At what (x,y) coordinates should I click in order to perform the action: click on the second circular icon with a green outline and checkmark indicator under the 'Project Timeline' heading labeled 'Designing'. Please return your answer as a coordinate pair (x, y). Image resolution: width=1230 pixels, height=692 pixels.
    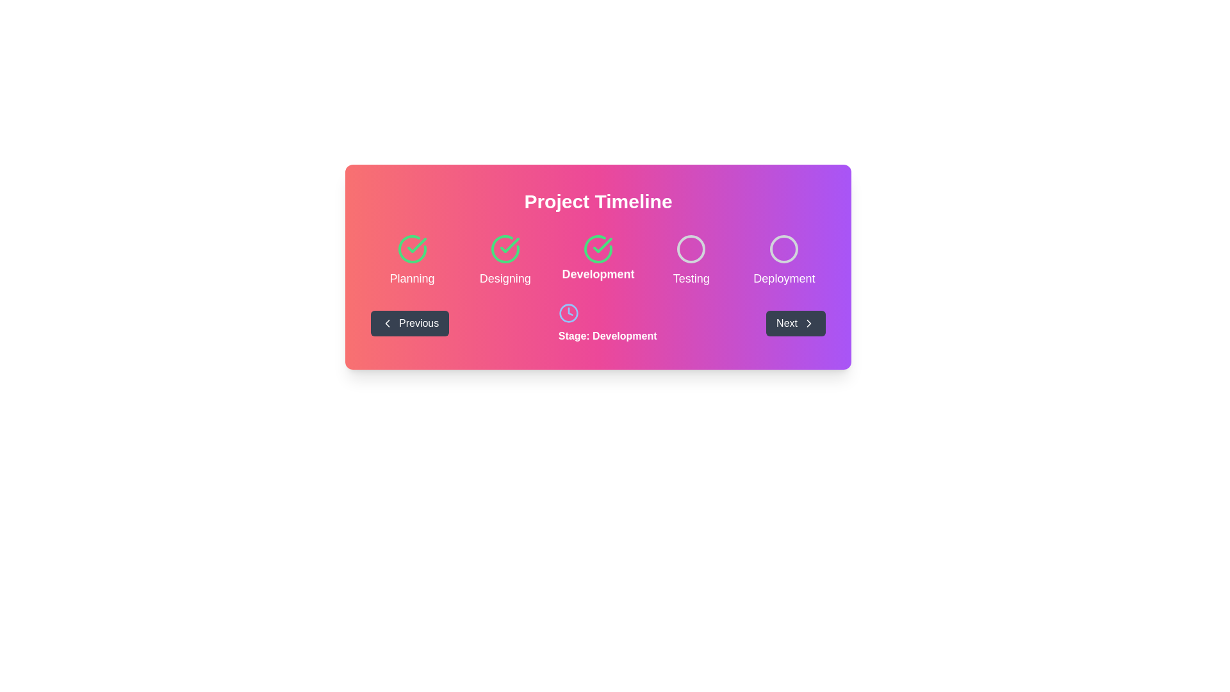
    Looking at the image, I should click on (504, 249).